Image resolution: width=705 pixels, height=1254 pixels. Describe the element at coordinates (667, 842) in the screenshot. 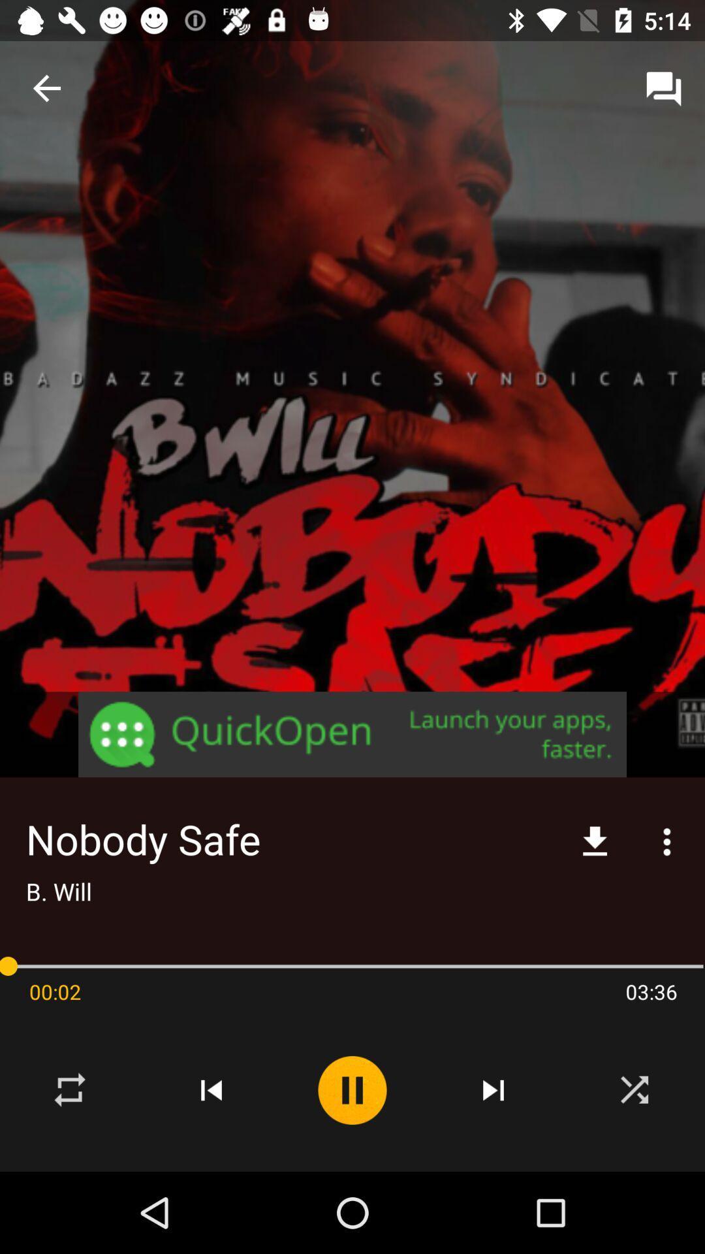

I see `the more icon` at that location.